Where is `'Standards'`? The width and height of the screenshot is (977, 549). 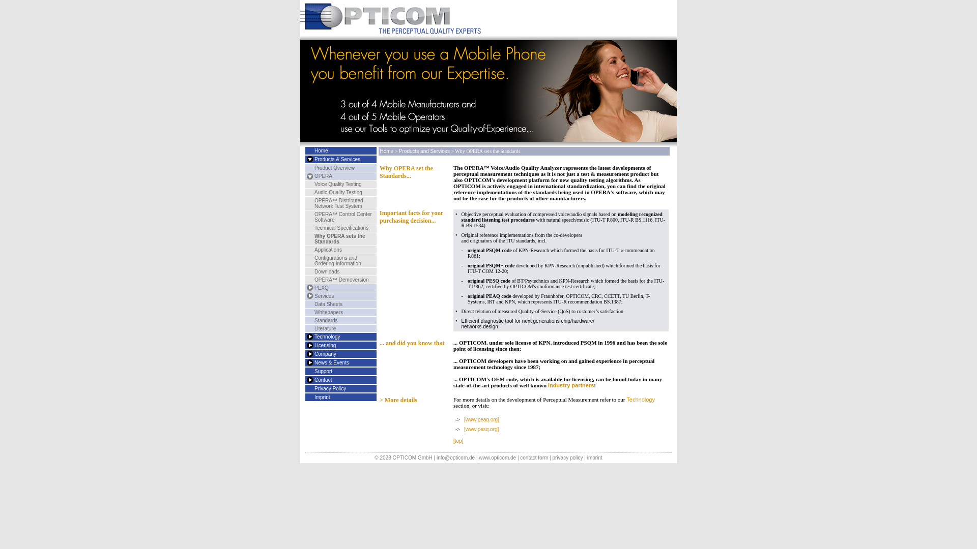
'Standards' is located at coordinates (326, 320).